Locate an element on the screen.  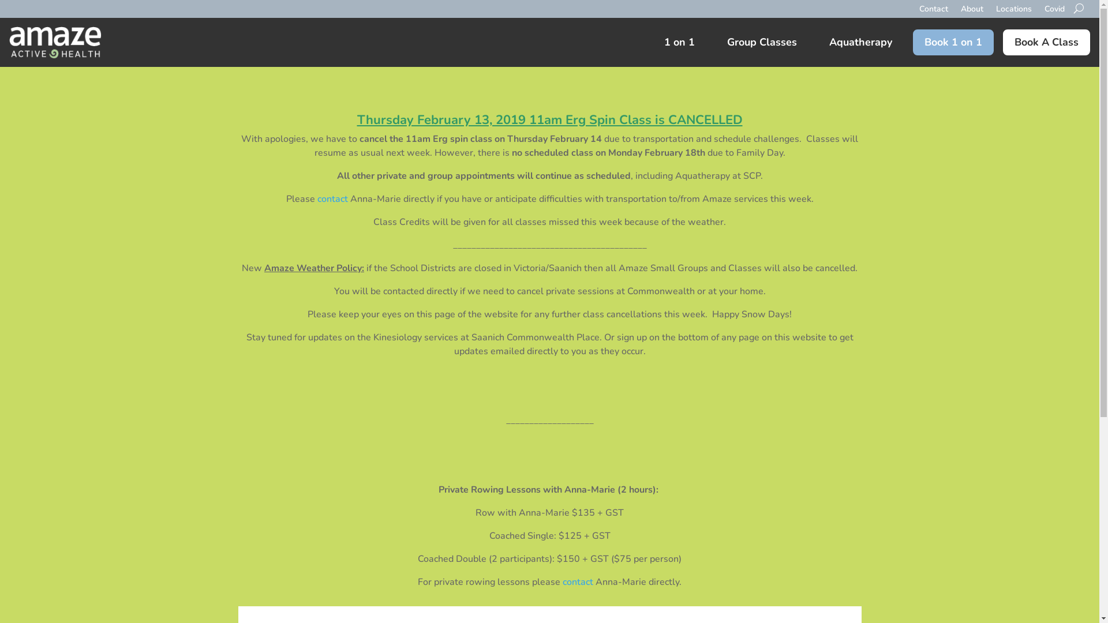
'Aquatherapy' is located at coordinates (860, 42).